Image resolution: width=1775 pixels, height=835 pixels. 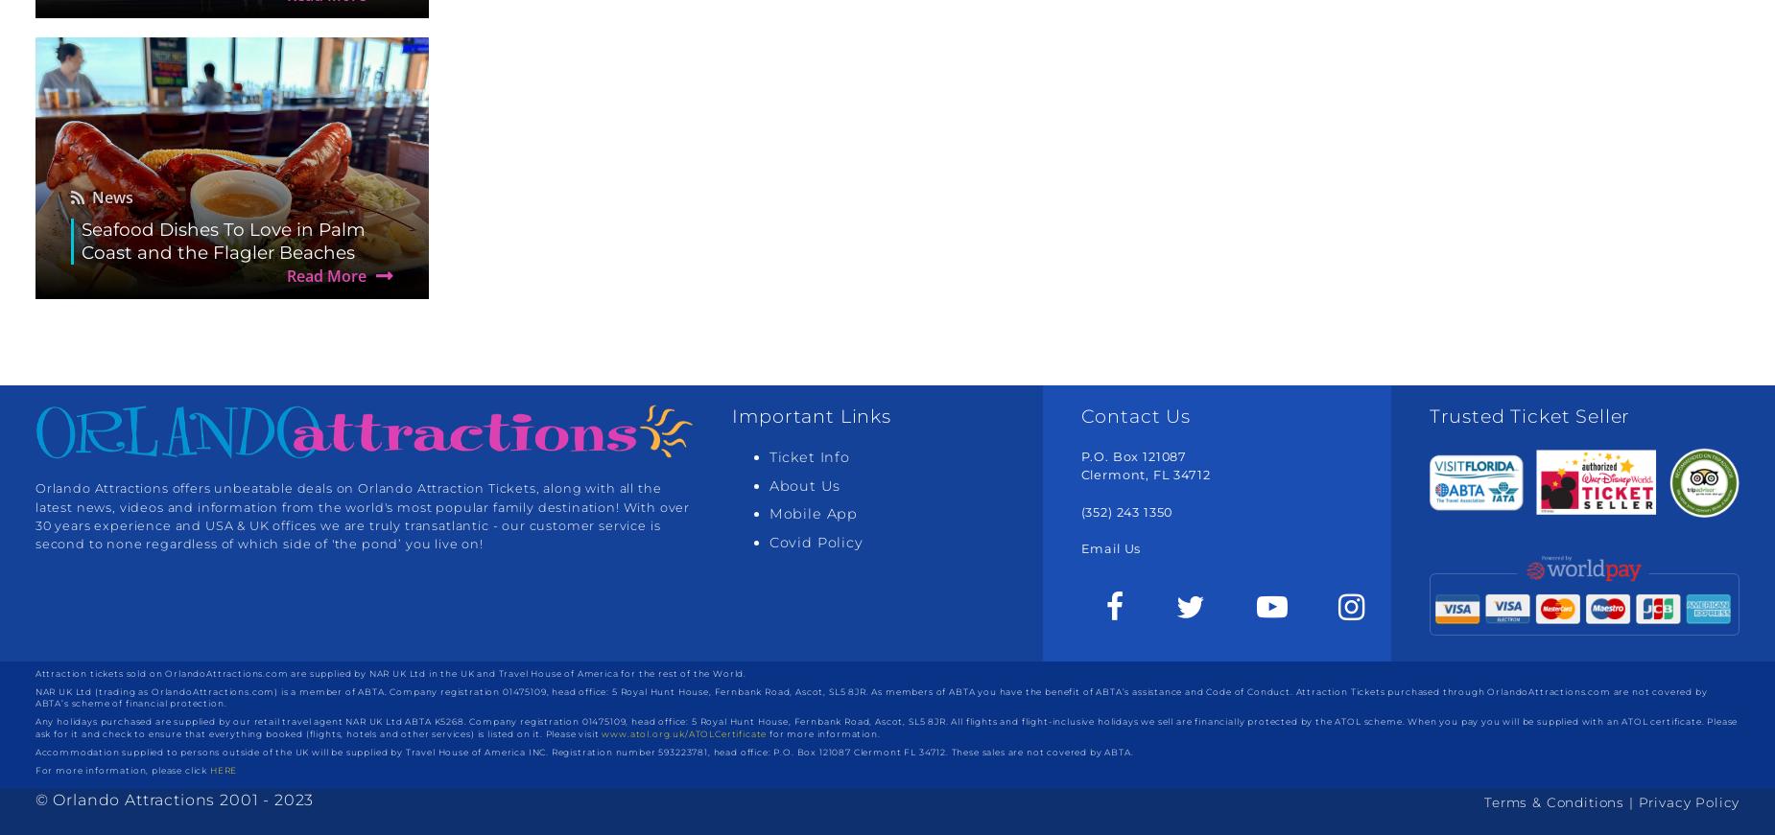 I want to click on 'Covid Policy', so click(x=769, y=542).